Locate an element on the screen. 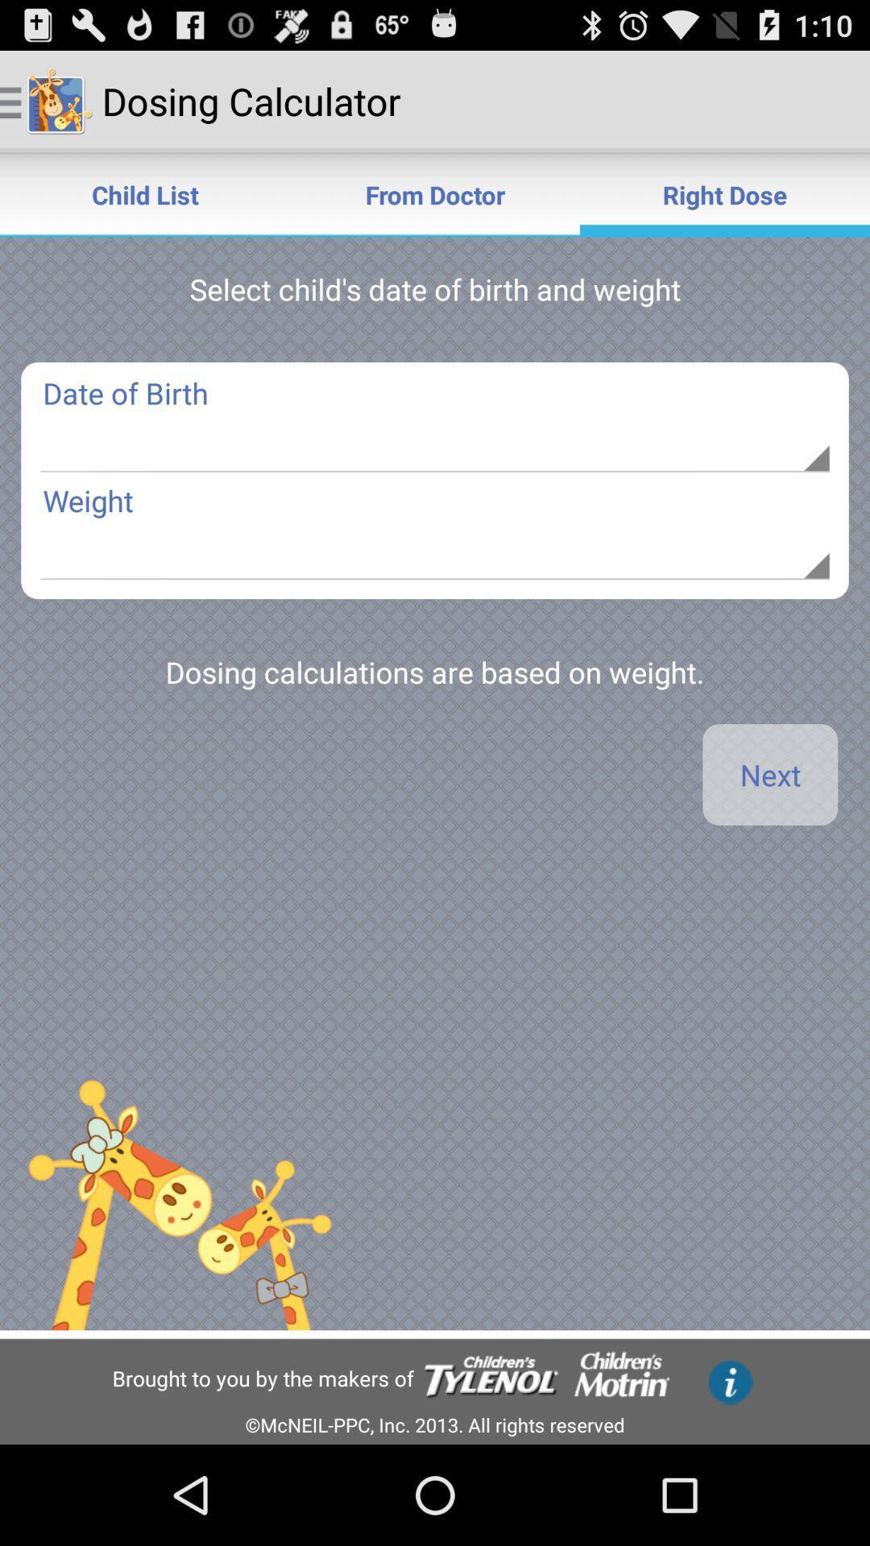 This screenshot has width=870, height=1546. icon next to the right dose icon is located at coordinates (435, 193).